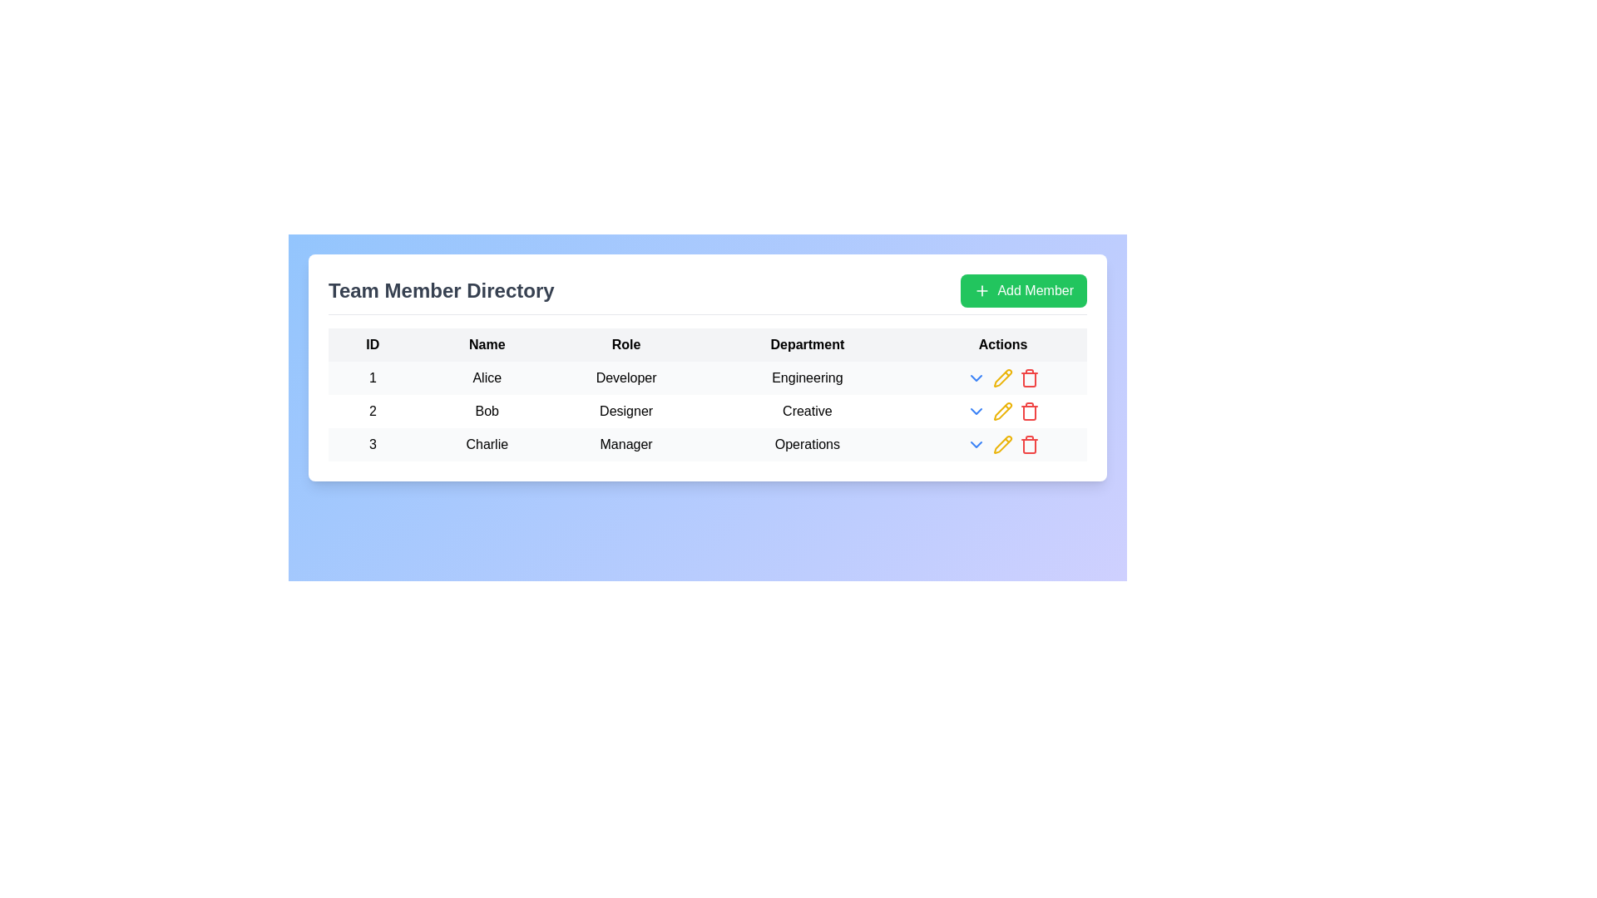  What do you see at coordinates (372, 411) in the screenshot?
I see `the text label displaying the unique ID of the team member in the second row of the 'Team Member Directory' table` at bounding box center [372, 411].